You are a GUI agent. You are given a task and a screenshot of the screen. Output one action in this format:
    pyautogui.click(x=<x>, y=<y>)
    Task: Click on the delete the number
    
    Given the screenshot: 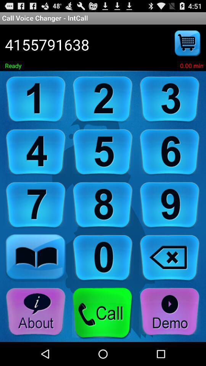 What is the action you would take?
    pyautogui.click(x=170, y=258)
    